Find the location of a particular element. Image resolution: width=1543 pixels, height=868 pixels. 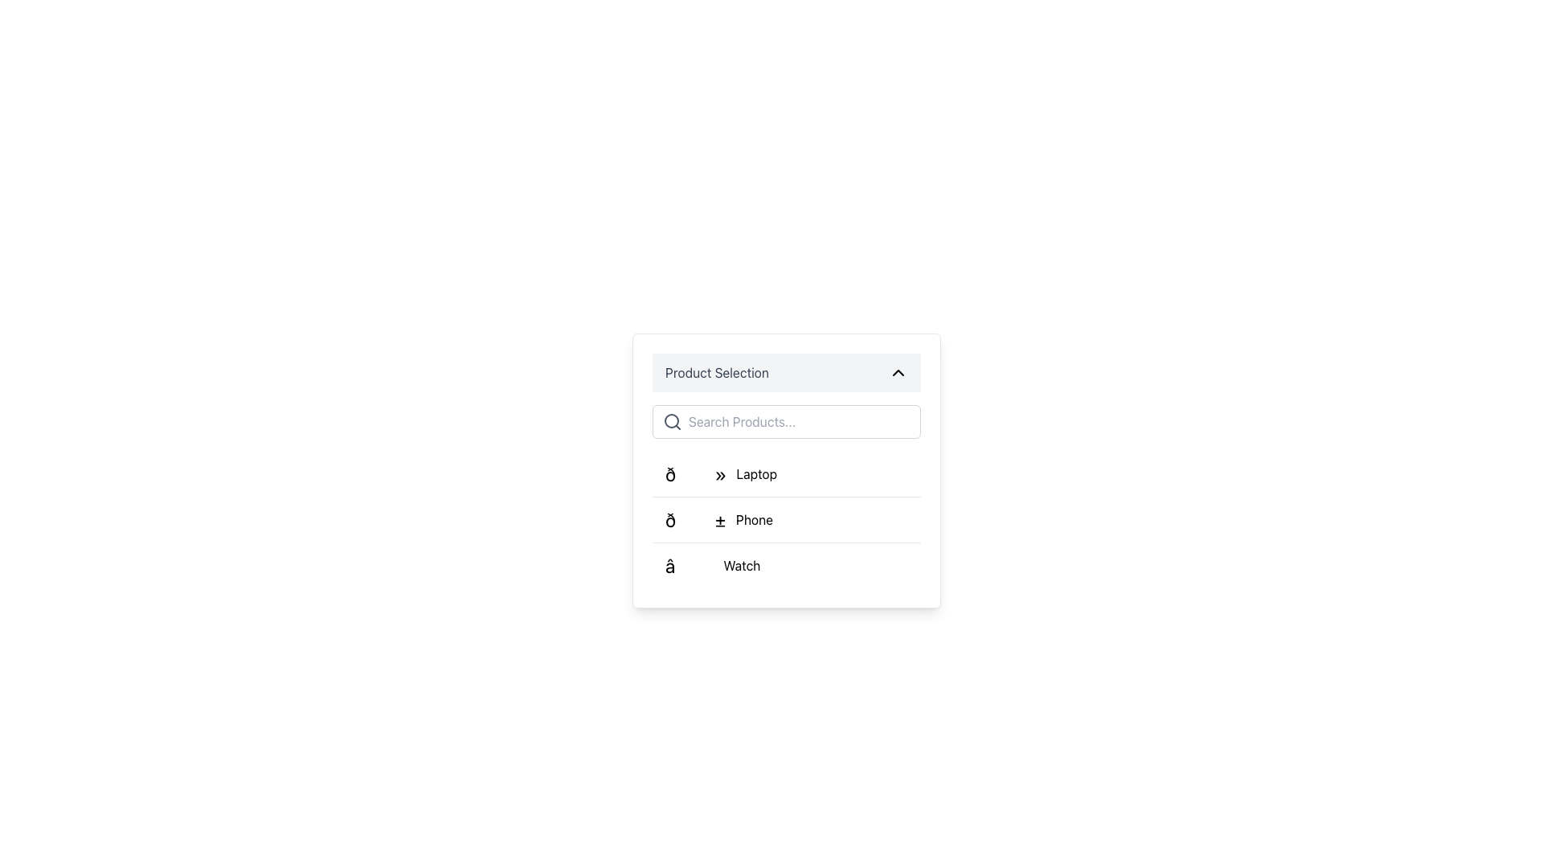

the first selectable list item labeled 'Laptop' with a red bullet point is located at coordinates (787, 473).